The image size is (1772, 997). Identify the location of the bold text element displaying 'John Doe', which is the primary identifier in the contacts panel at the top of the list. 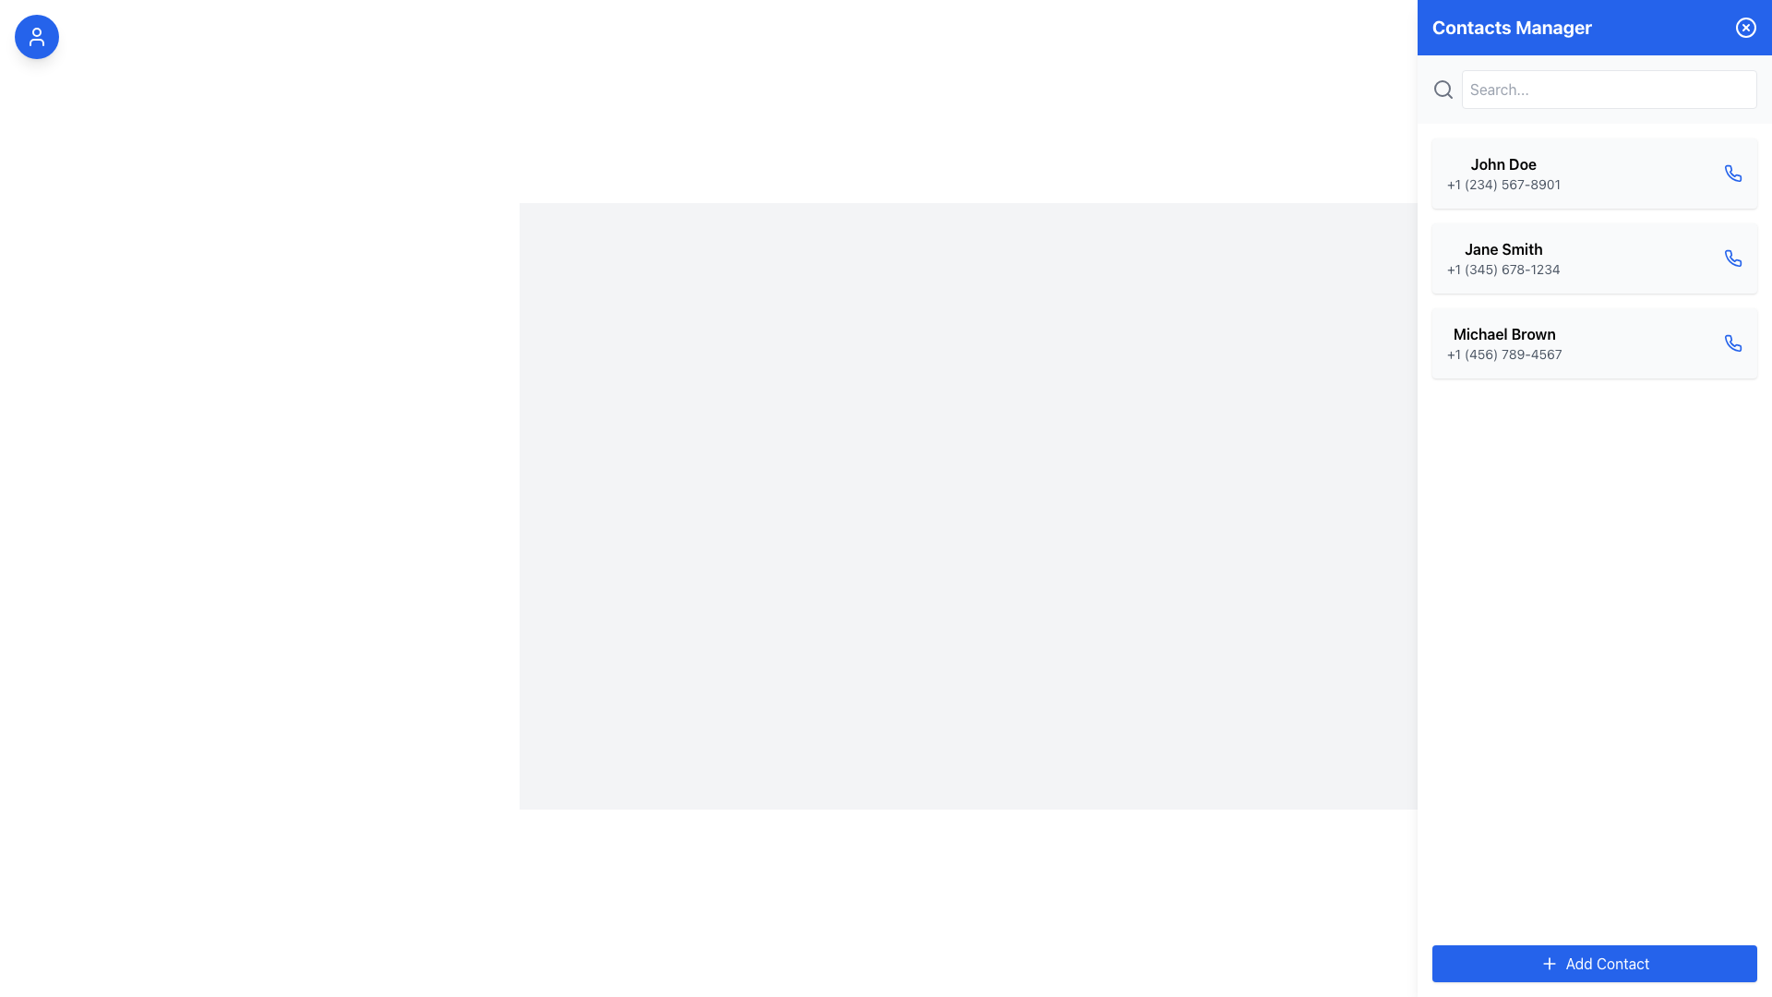
(1503, 162).